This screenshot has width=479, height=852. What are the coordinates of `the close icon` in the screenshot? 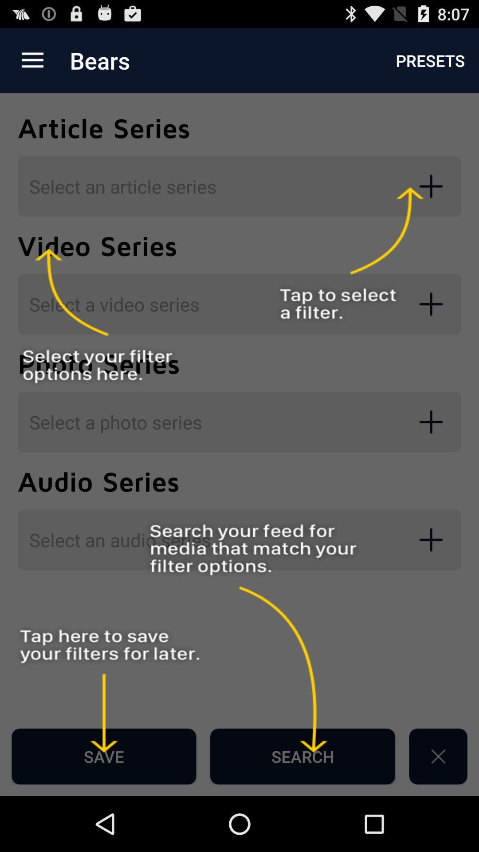 It's located at (438, 809).